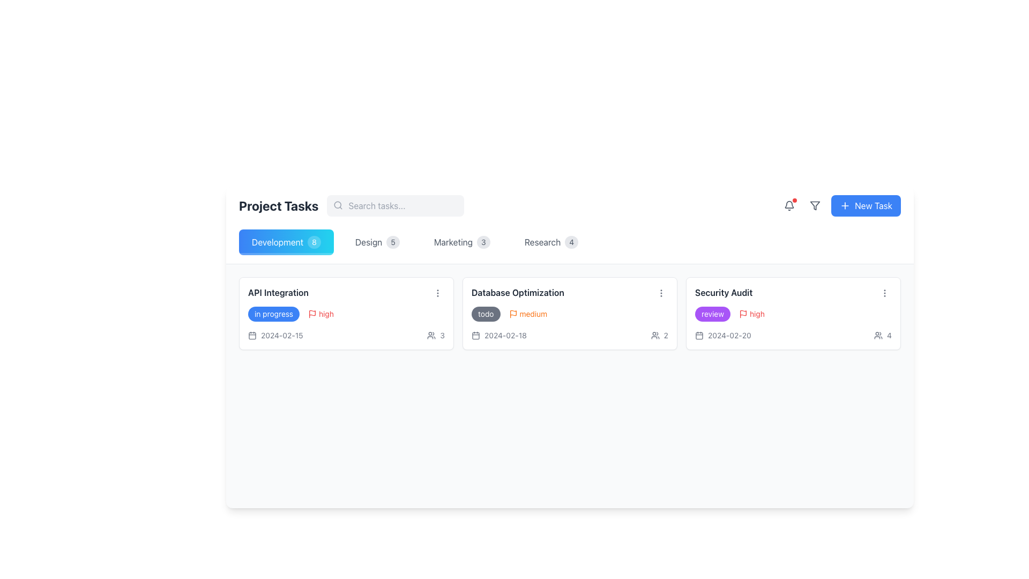  I want to click on the flag icon represented as a vector graphic inside the SVG component, located in the top-right corner of the page layout, so click(512, 313).